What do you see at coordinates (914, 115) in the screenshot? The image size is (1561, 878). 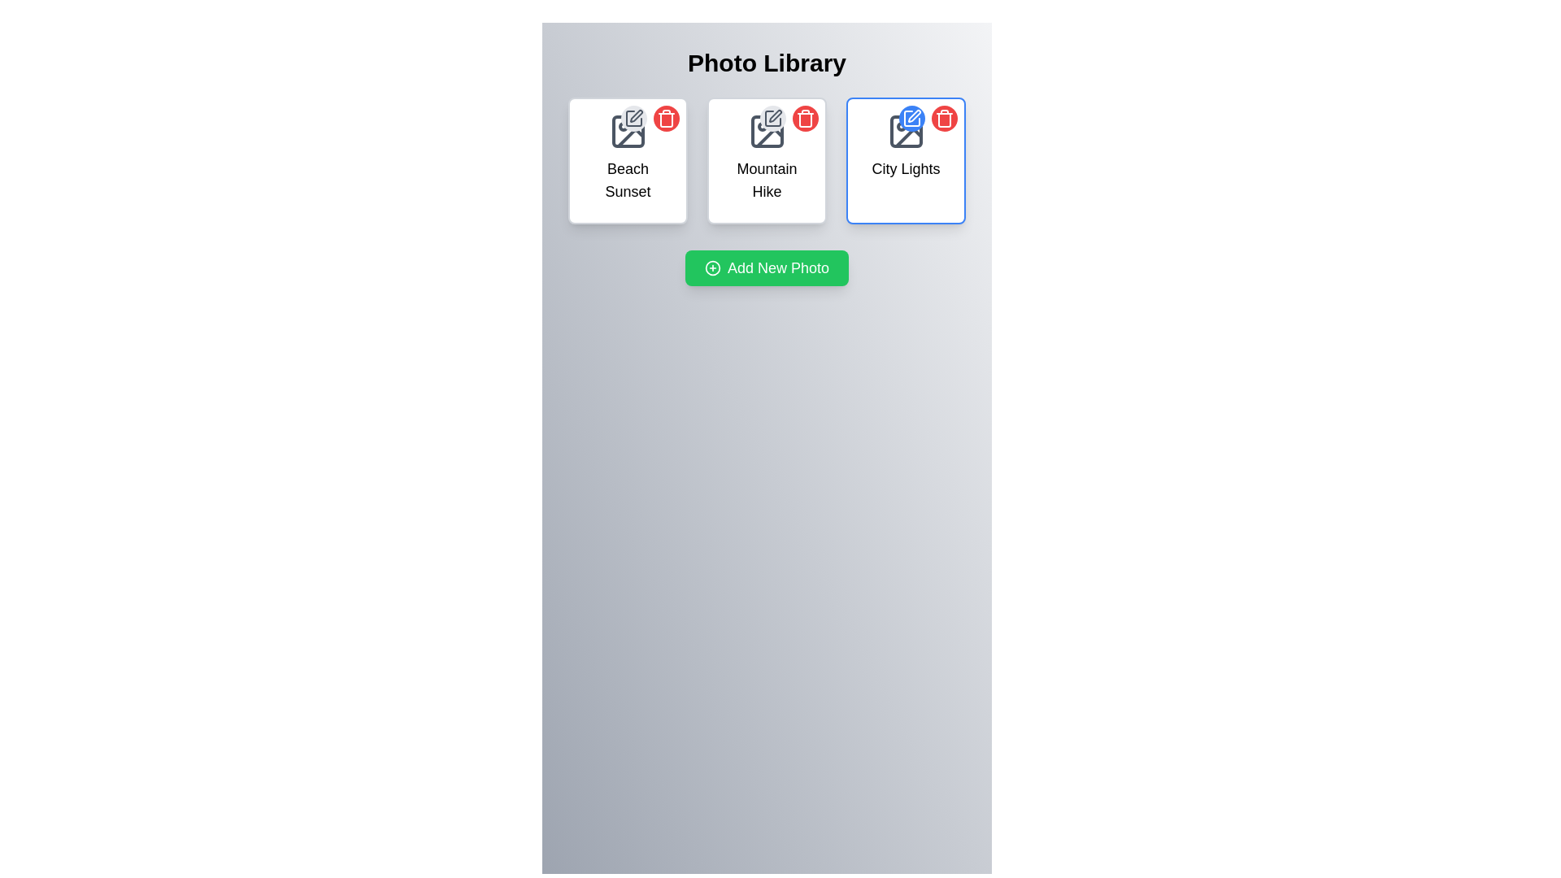 I see `the pen icon button located in the top-left corner of the 'City Lights' card, which is part of an editing tool and resembles a slanted pen within a square frame` at bounding box center [914, 115].